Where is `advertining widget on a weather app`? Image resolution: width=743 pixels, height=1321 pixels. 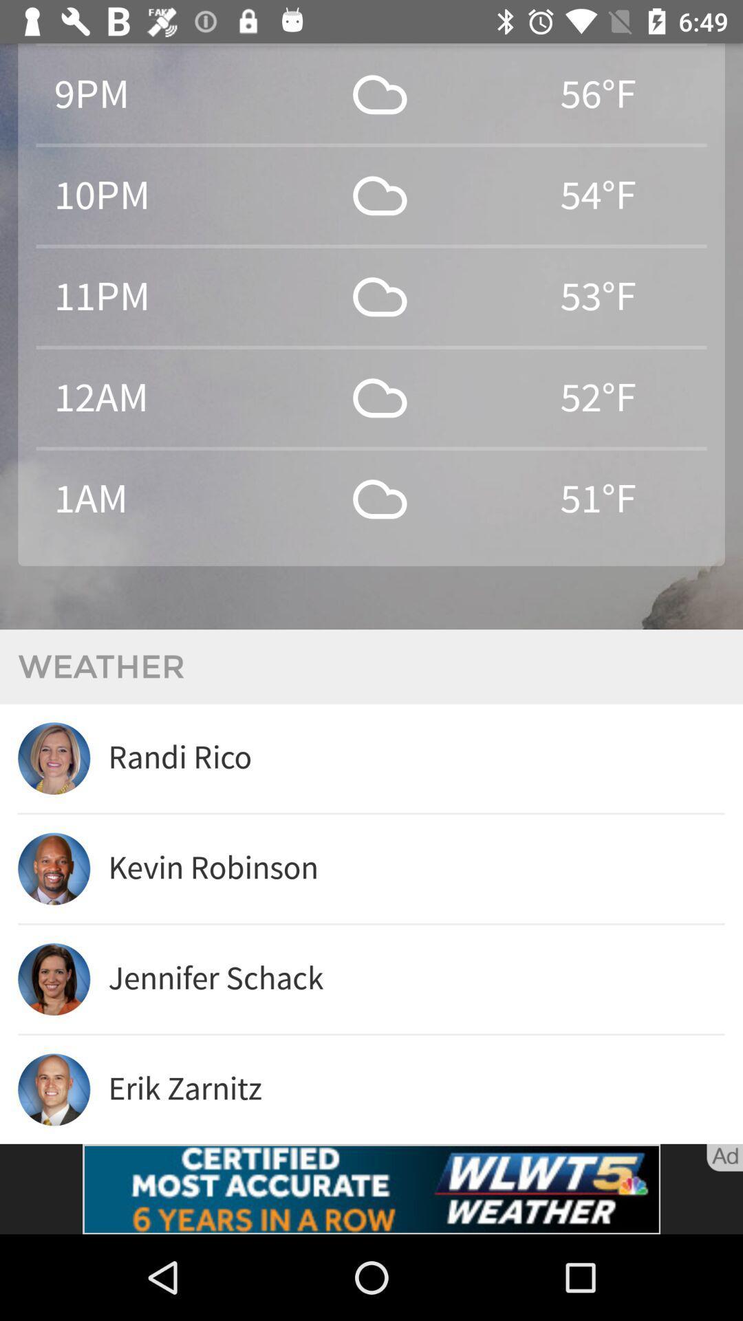
advertining widget on a weather app is located at coordinates (371, 1188).